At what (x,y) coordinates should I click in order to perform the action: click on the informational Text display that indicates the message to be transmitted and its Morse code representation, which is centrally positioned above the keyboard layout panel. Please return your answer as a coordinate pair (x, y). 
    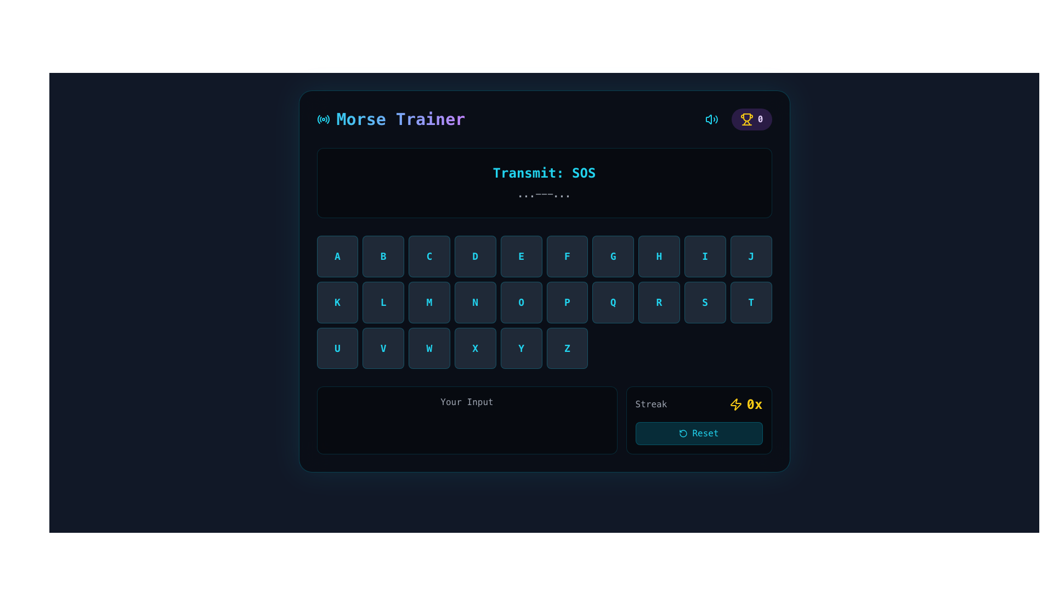
    Looking at the image, I should click on (544, 183).